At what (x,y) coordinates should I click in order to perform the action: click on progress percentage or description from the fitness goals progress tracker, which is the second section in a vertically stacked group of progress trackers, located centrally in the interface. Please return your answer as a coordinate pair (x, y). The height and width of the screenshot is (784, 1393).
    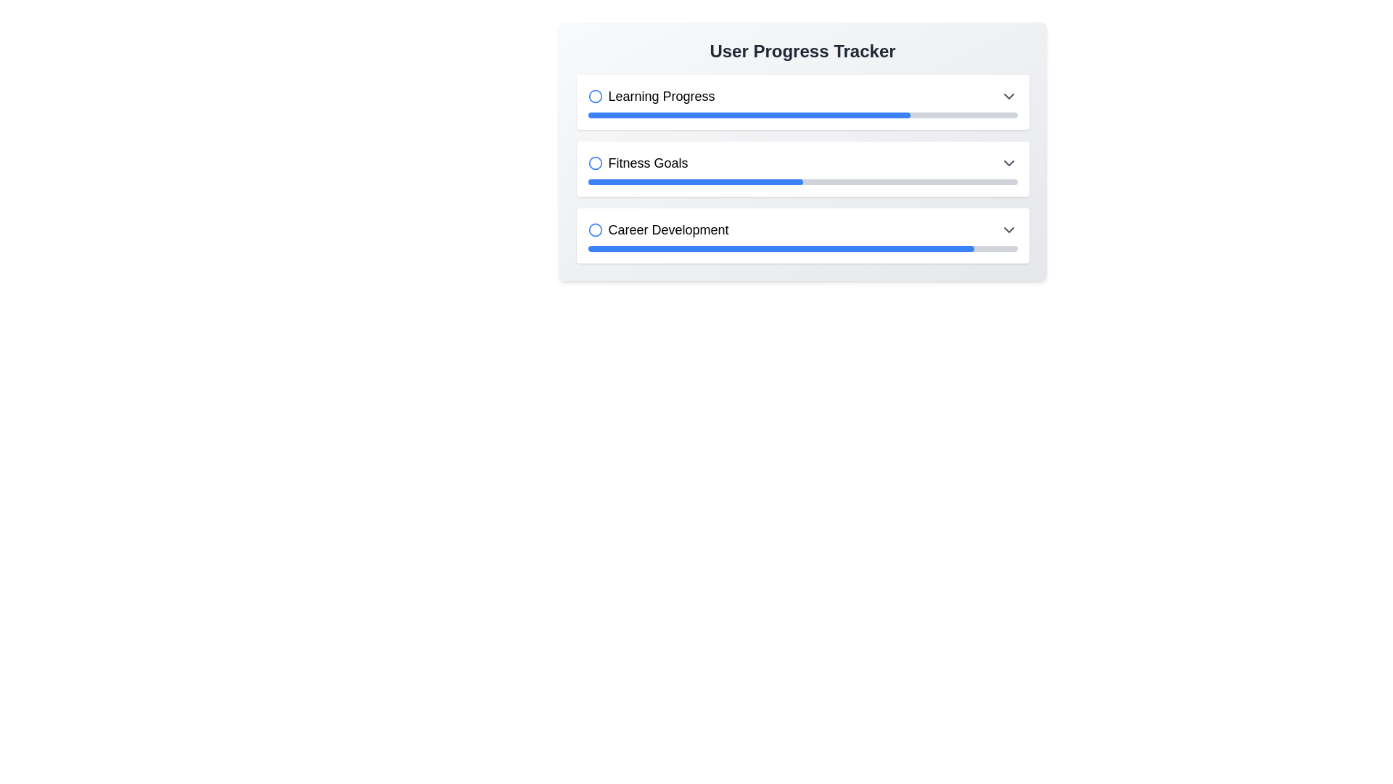
    Looking at the image, I should click on (802, 168).